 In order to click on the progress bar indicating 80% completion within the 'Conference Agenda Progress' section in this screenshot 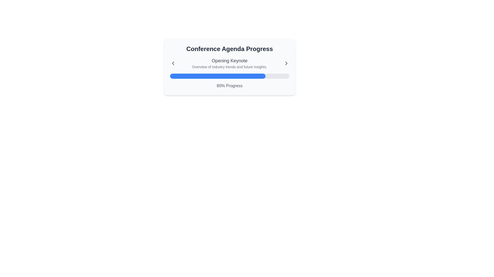, I will do `click(229, 76)`.